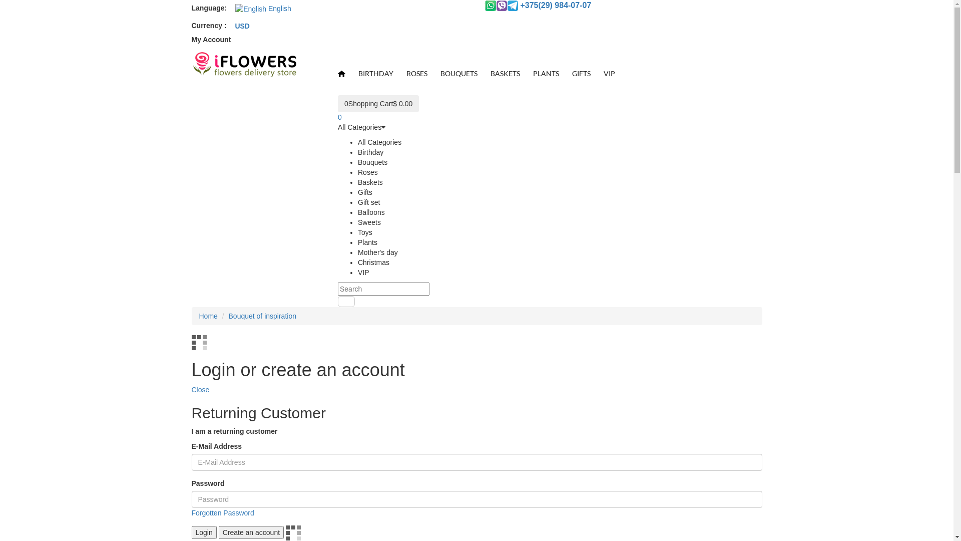 The height and width of the screenshot is (541, 961). What do you see at coordinates (458, 73) in the screenshot?
I see `'BOUQUETS'` at bounding box center [458, 73].